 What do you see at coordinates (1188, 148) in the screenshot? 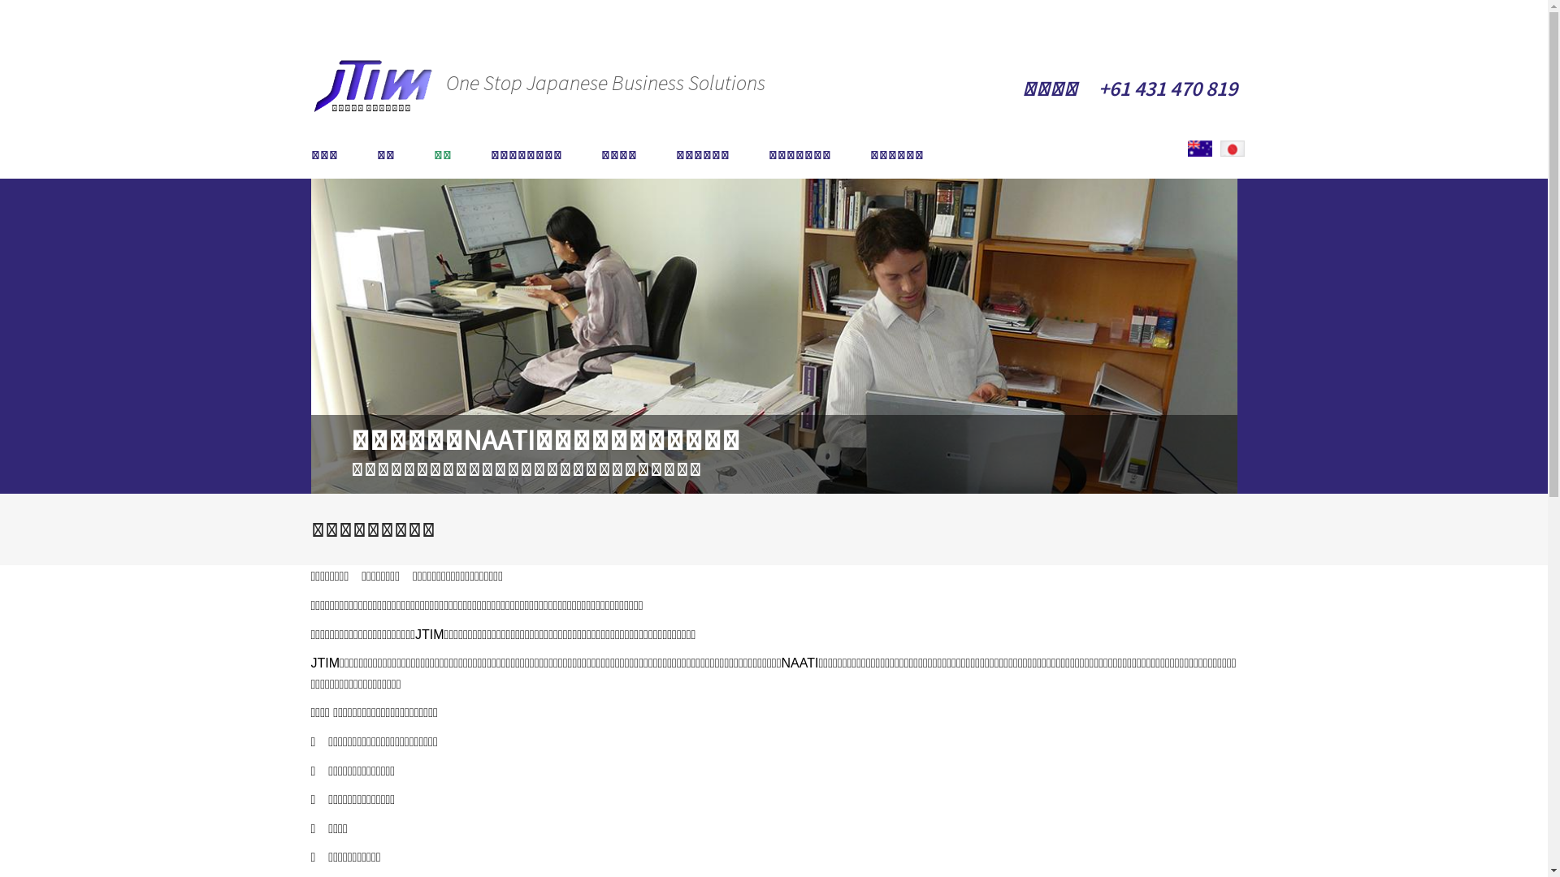
I see `'English'` at bounding box center [1188, 148].